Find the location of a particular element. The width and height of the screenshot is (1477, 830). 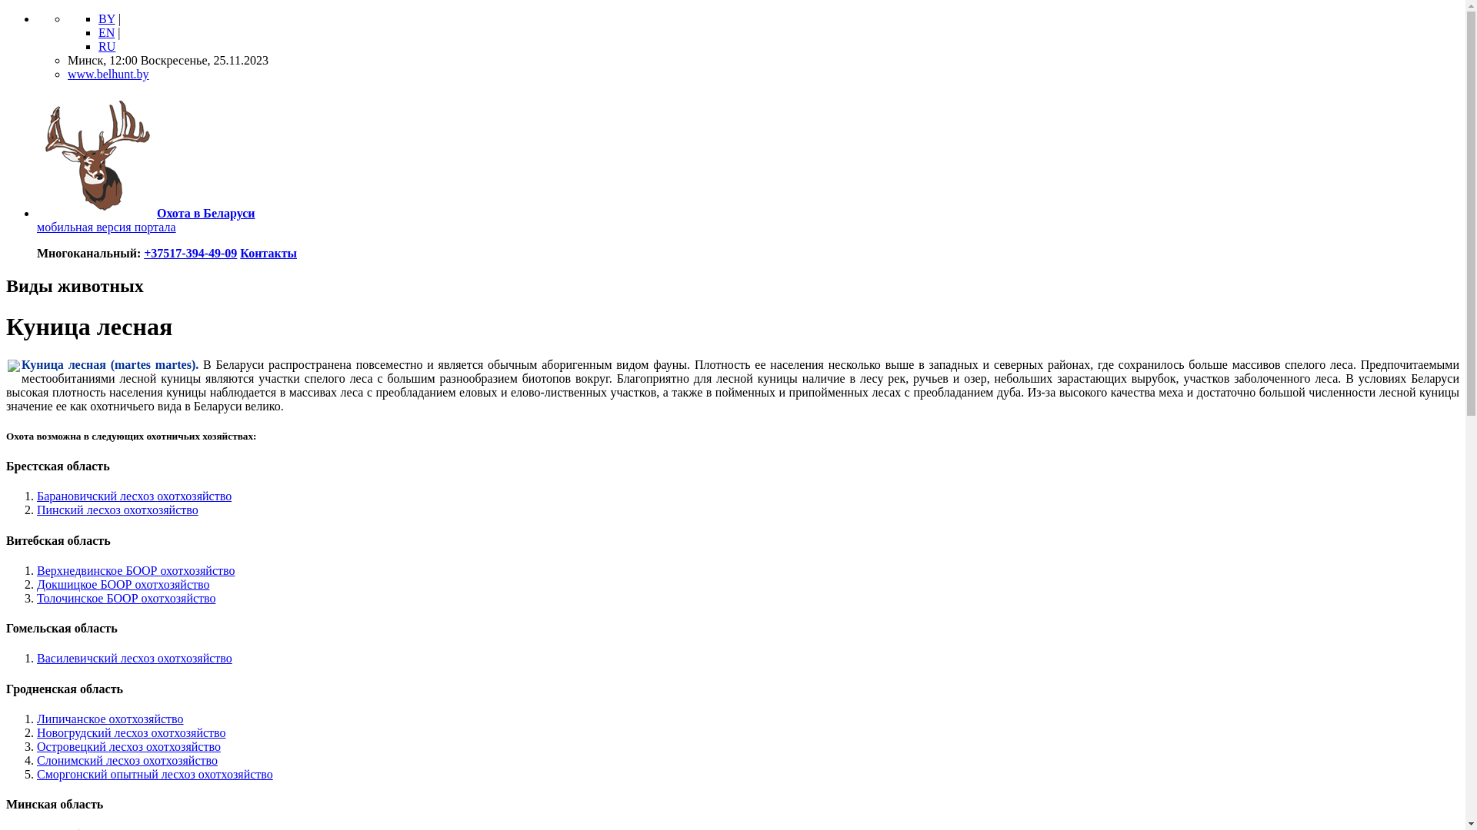

'EN' is located at coordinates (105, 32).